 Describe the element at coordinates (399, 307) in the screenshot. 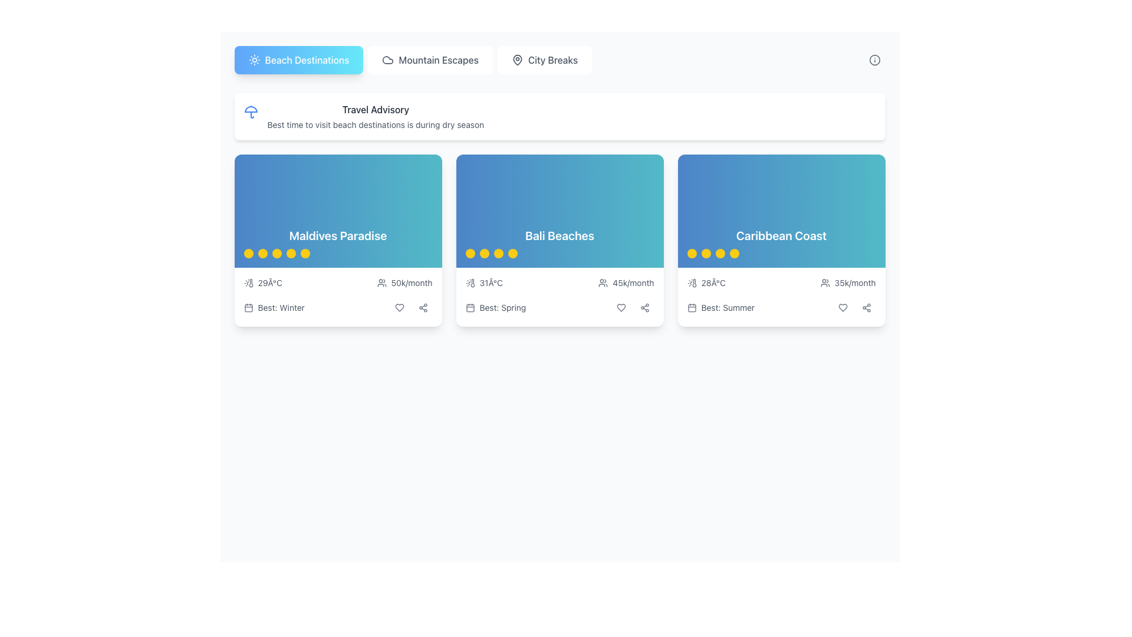

I see `the heart-shaped icon in the bottom-right corner of the 'Maldives Paradise' card` at that location.